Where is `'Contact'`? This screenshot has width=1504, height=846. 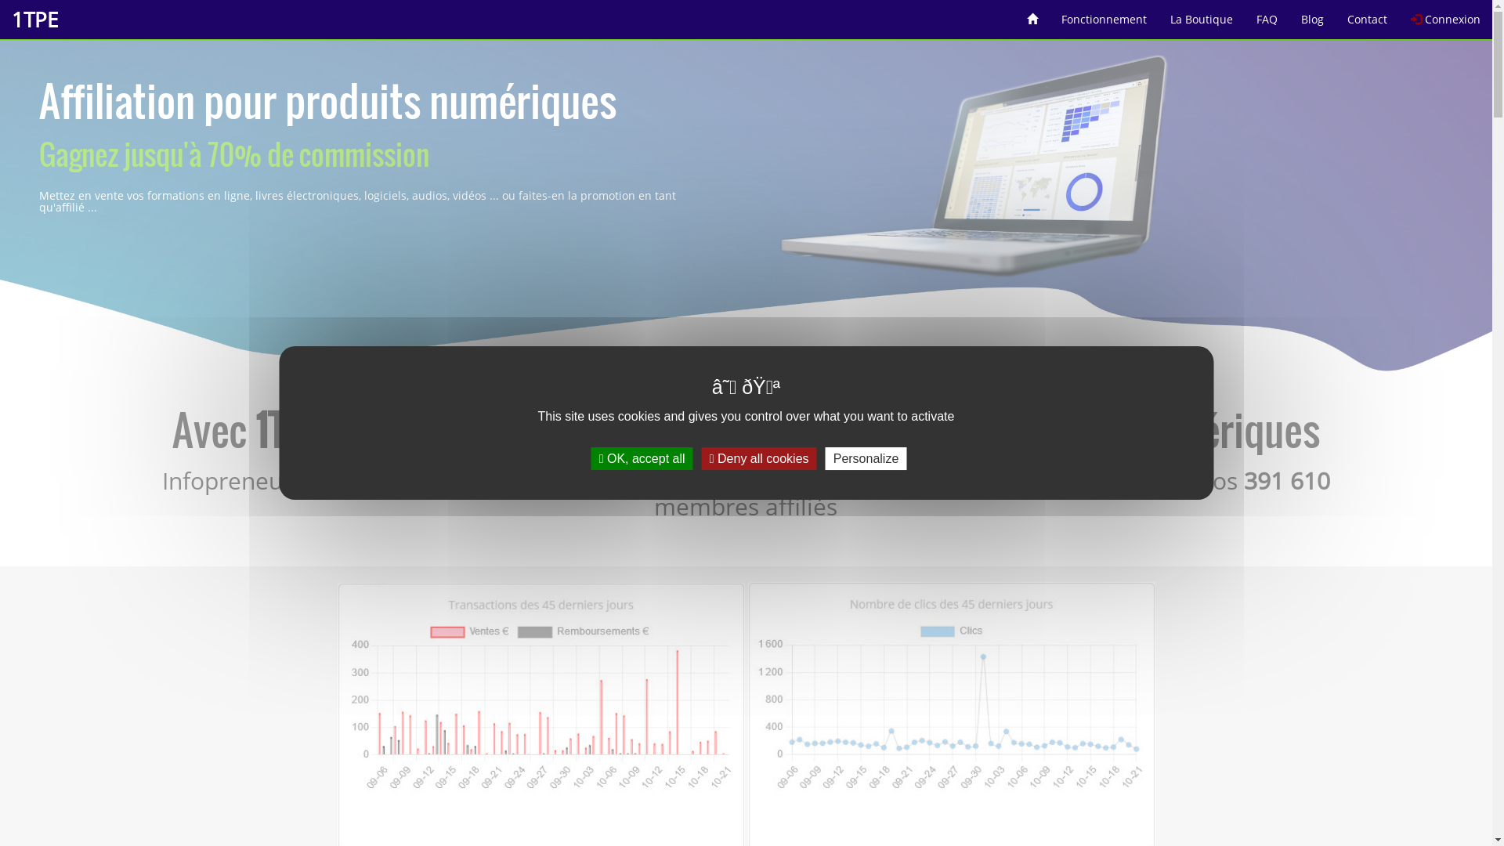 'Contact' is located at coordinates (1366, 13).